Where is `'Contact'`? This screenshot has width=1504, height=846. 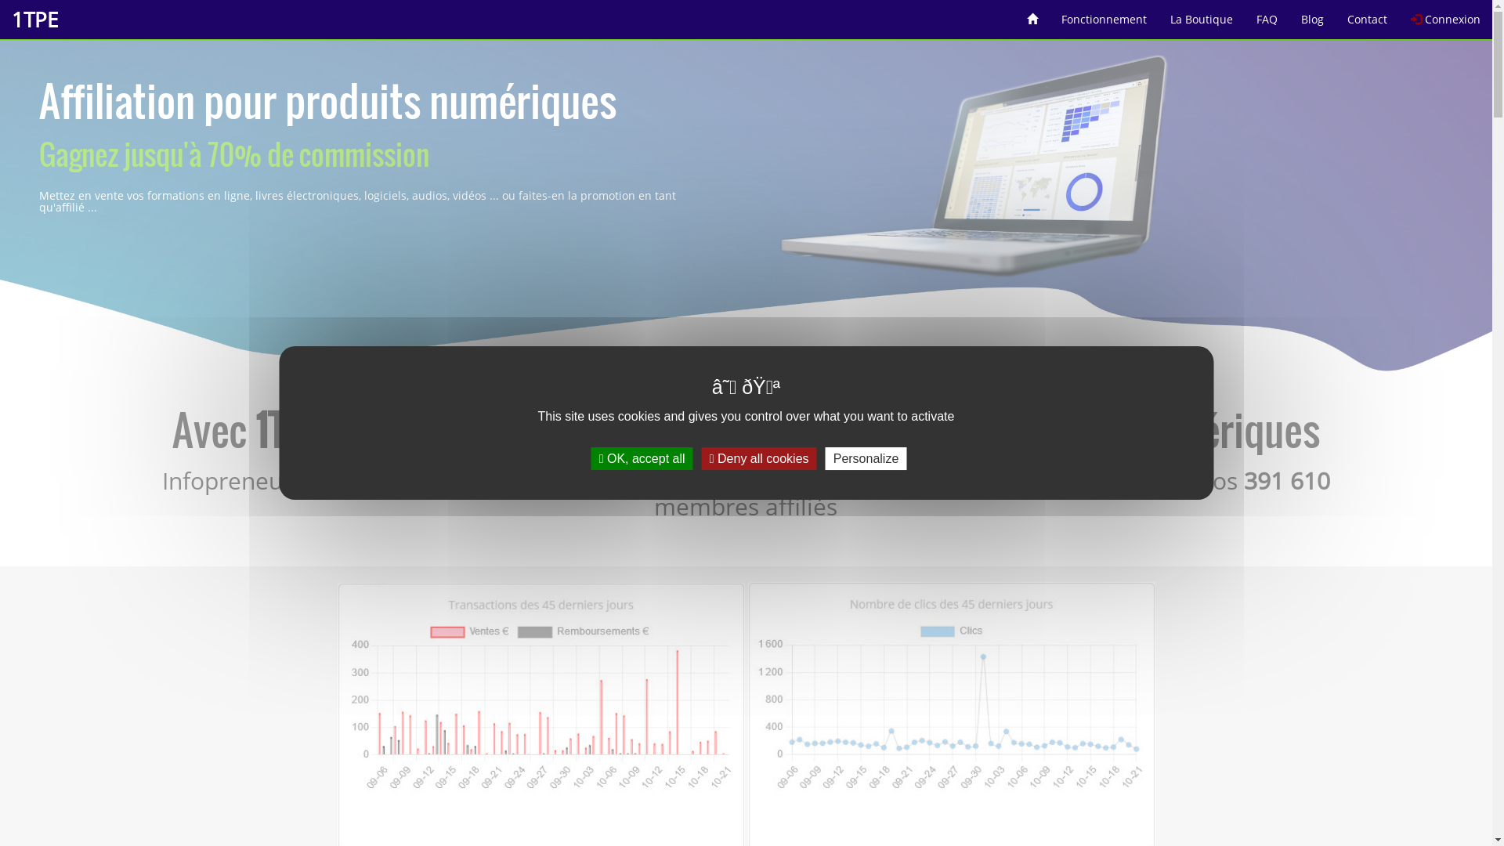 'Contact' is located at coordinates (1366, 13).